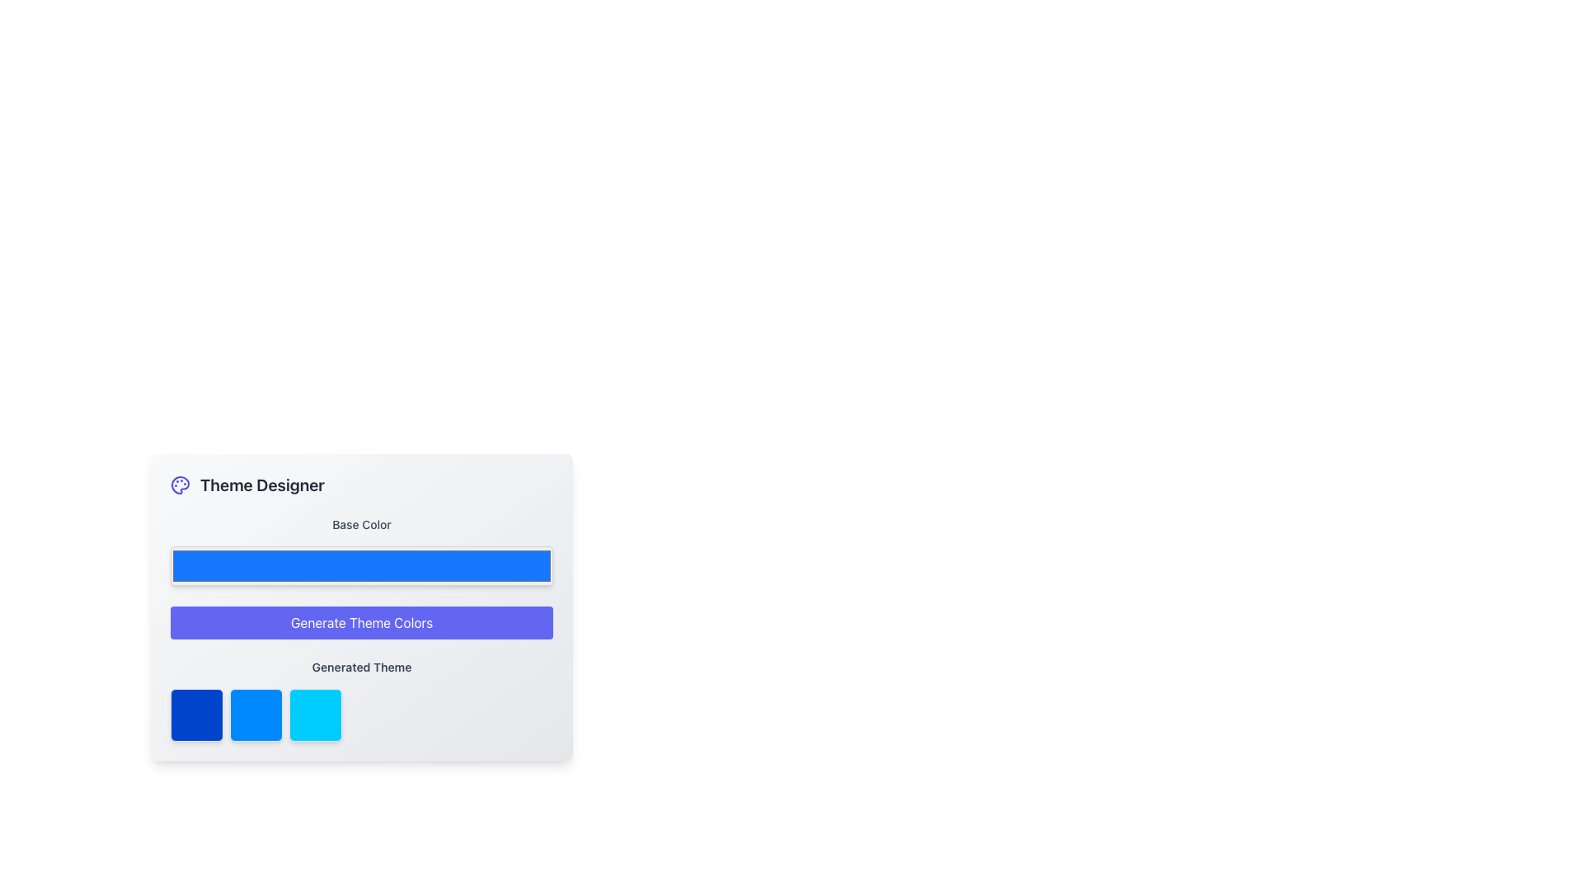 The height and width of the screenshot is (890, 1583). Describe the element at coordinates (360, 667) in the screenshot. I see `the Text Label that indicates the purpose of the area showcasing the generated theme colors, positioned below the 'Generate Theme Colors' button and above three square color preview elements` at that location.